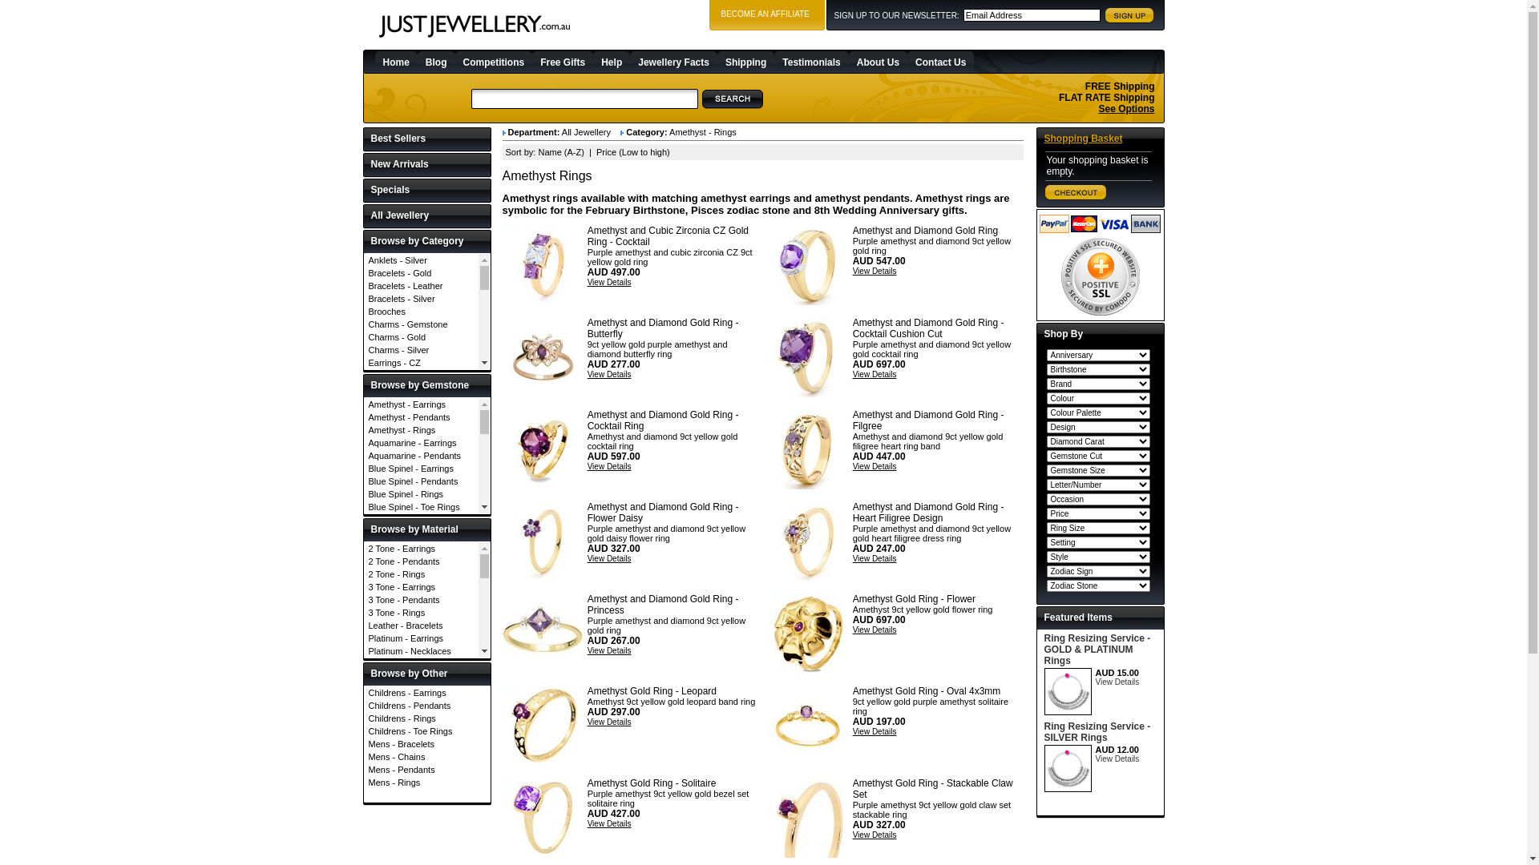 The height and width of the screenshot is (865, 1539). I want to click on 'Shopping Basket', so click(1043, 138).